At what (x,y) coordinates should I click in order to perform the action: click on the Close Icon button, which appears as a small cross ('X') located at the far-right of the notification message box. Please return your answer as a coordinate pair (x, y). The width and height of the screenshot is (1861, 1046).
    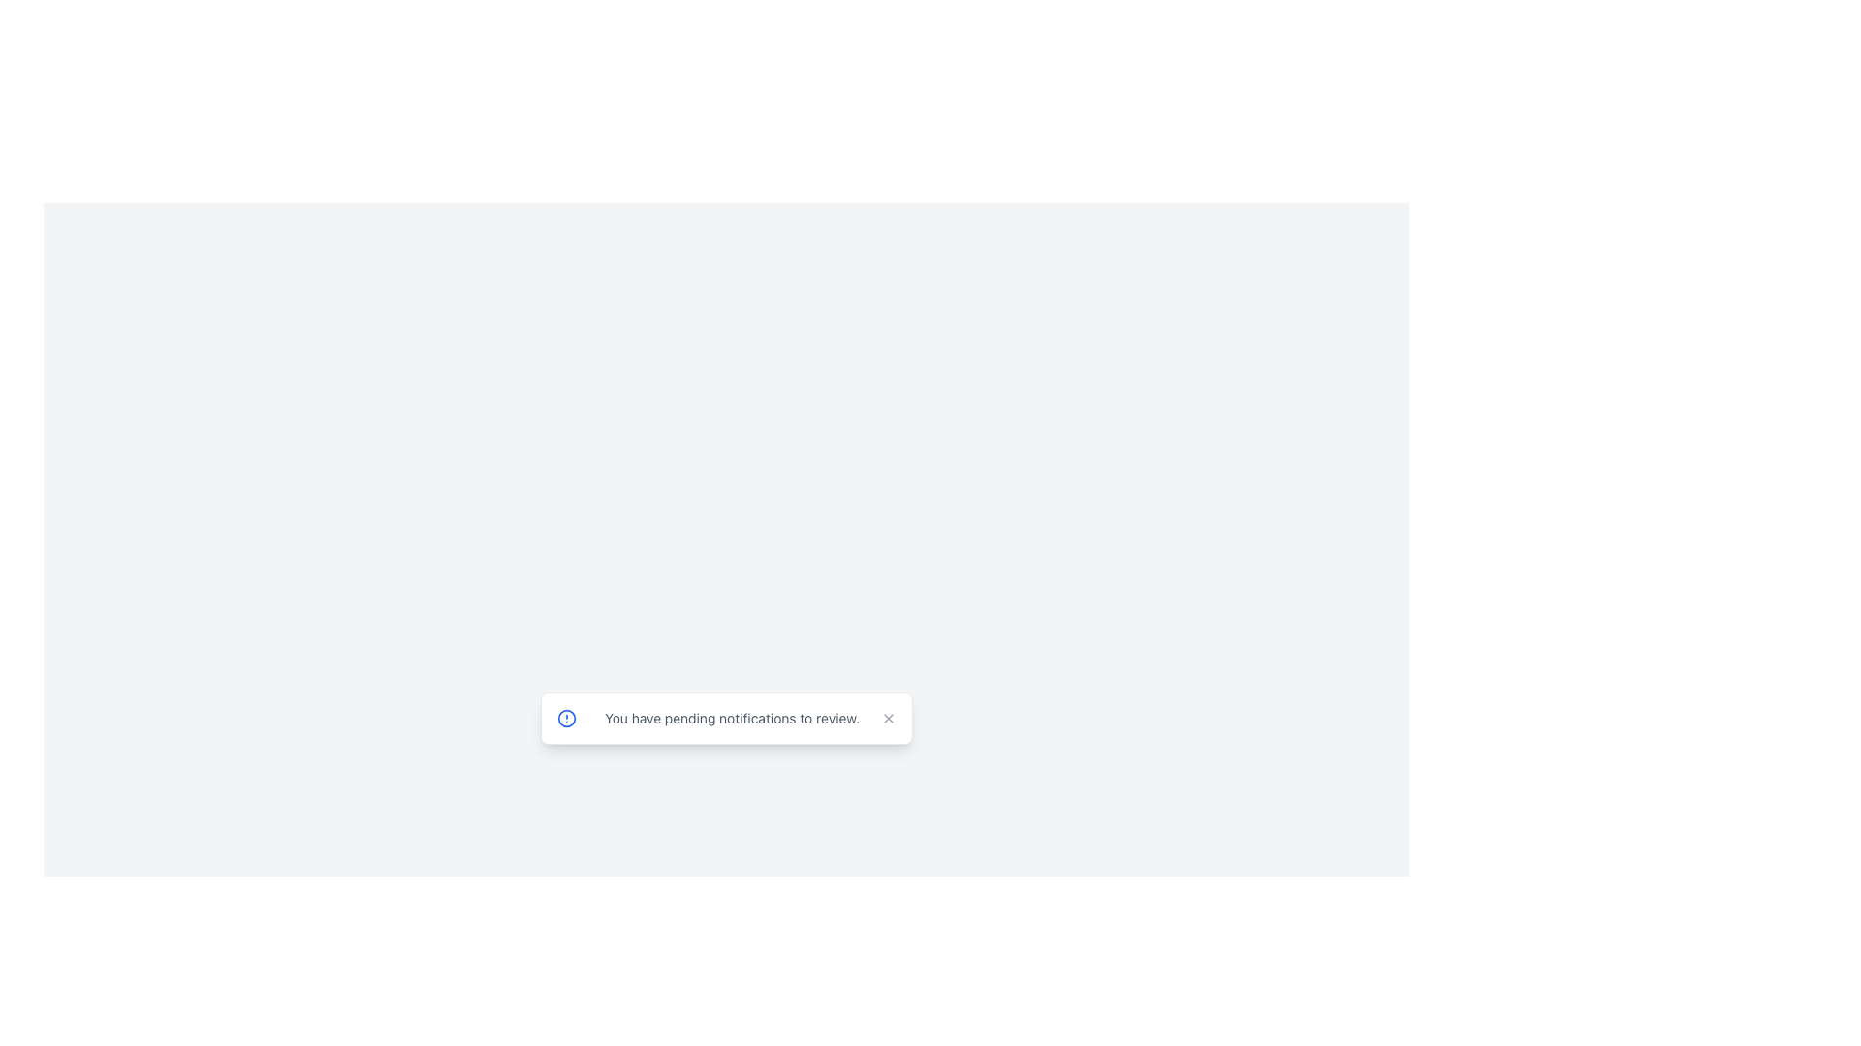
    Looking at the image, I should click on (887, 718).